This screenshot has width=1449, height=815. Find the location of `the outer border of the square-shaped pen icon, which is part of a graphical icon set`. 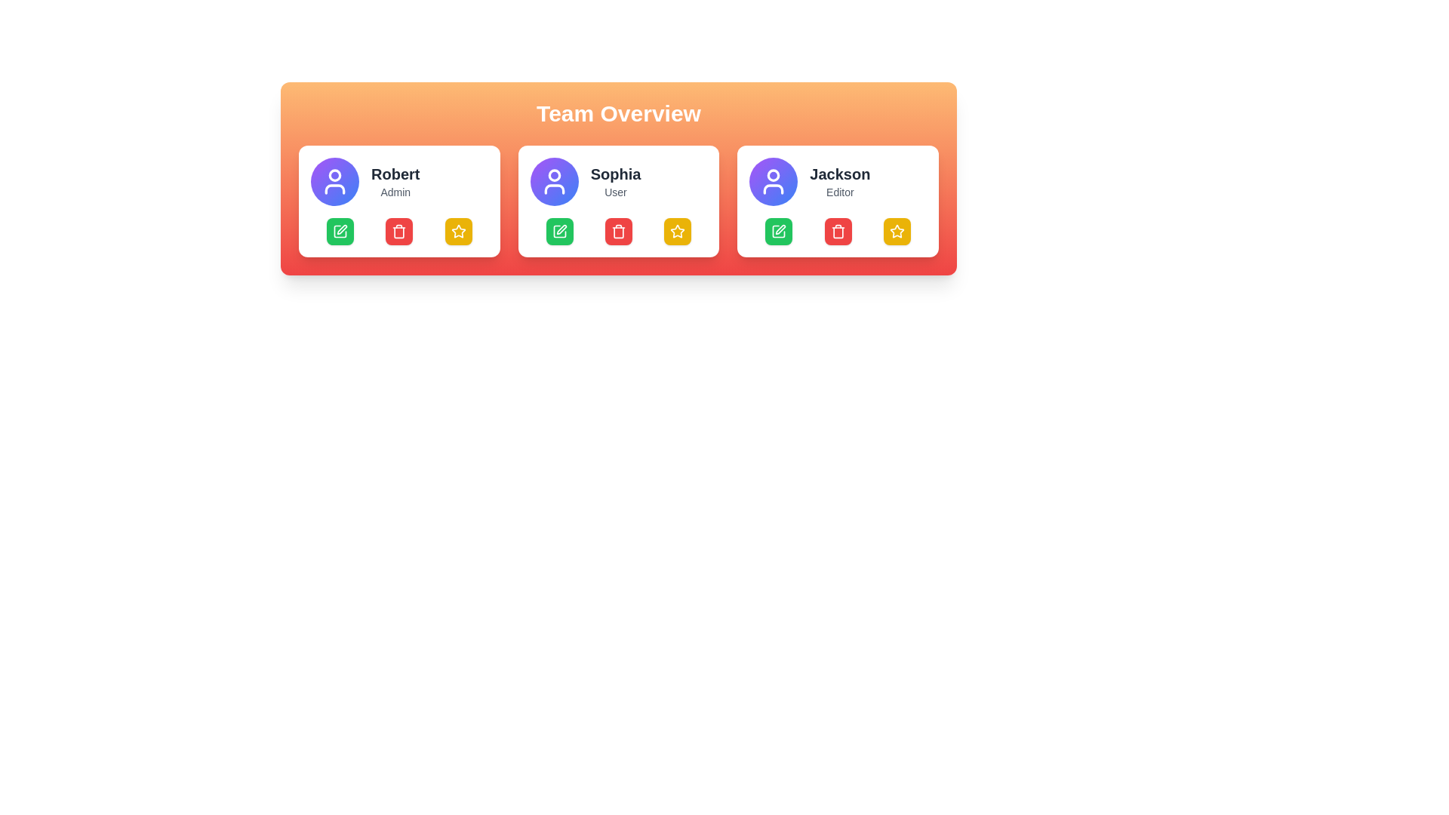

the outer border of the square-shaped pen icon, which is part of a graphical icon set is located at coordinates (779, 232).